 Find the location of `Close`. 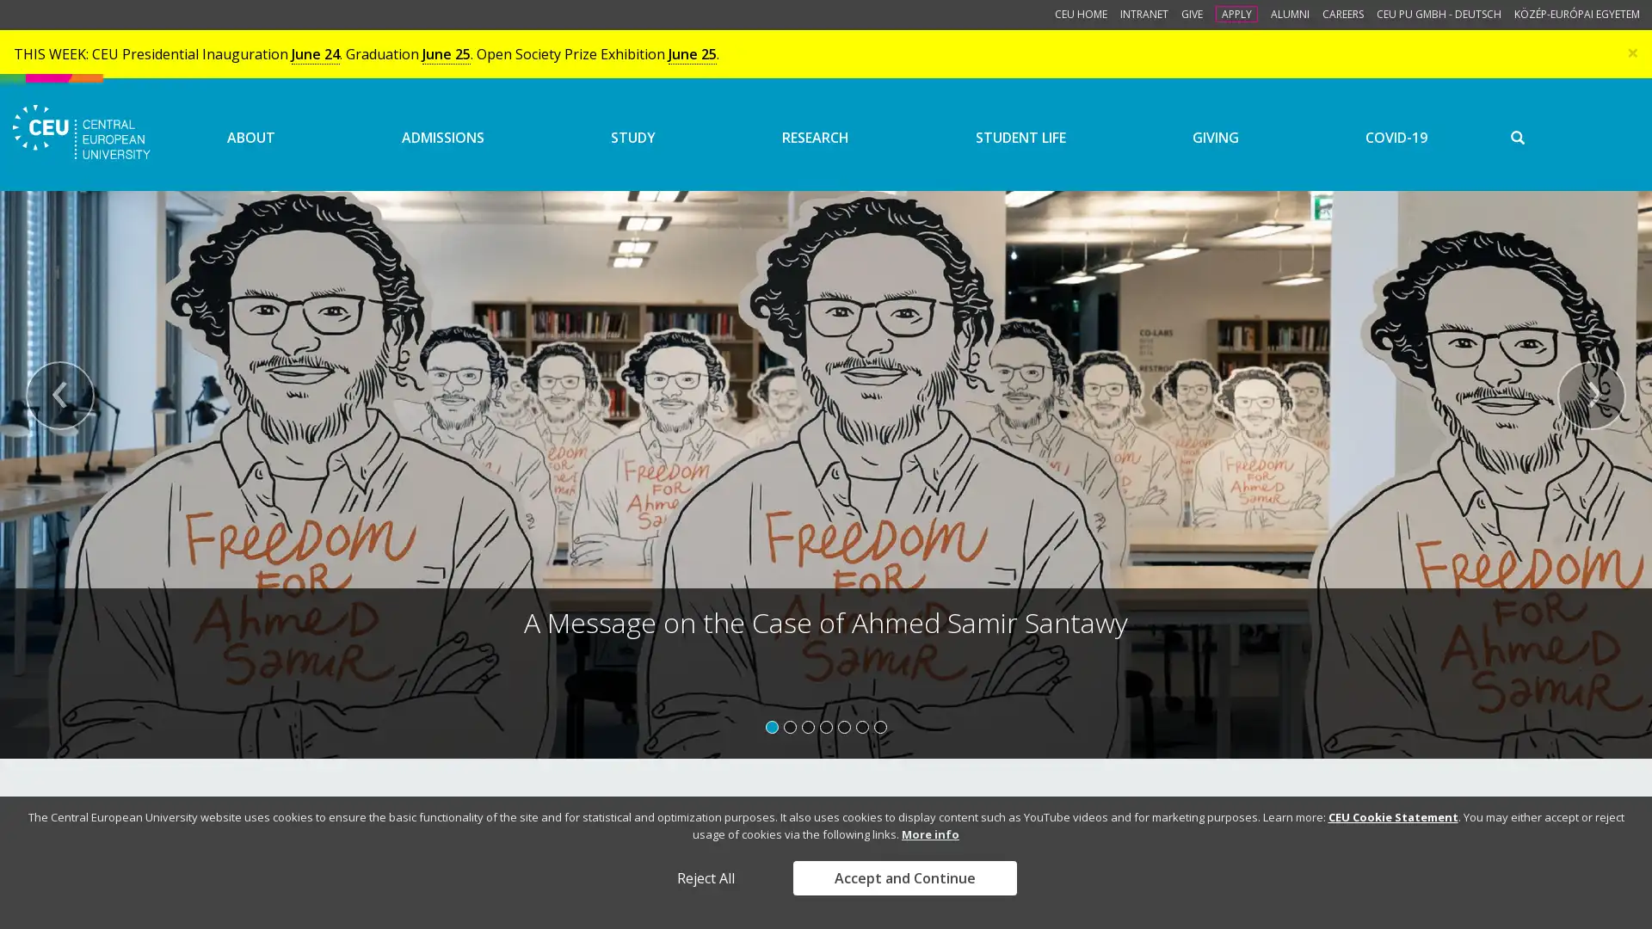

Close is located at coordinates (1631, 51).